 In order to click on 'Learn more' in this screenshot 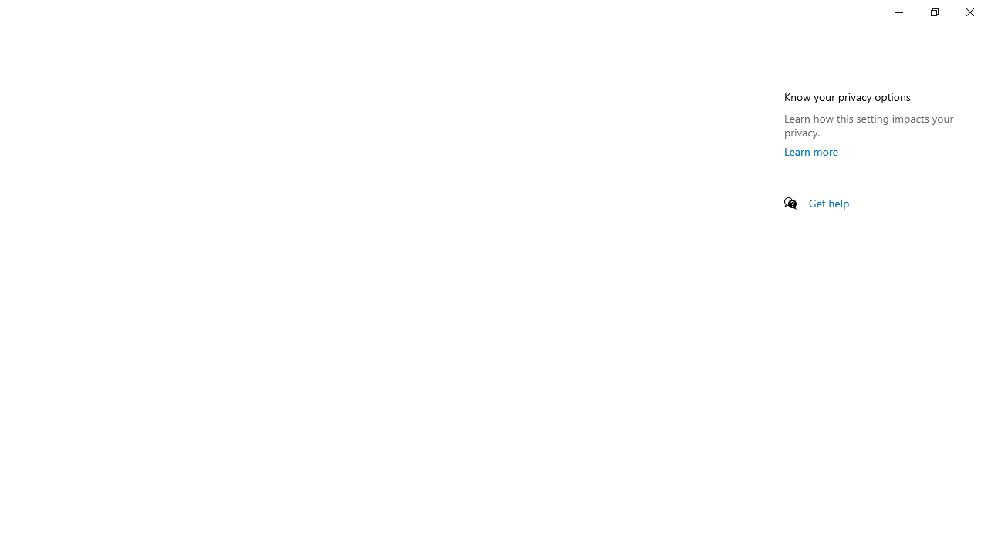, I will do `click(810, 151)`.